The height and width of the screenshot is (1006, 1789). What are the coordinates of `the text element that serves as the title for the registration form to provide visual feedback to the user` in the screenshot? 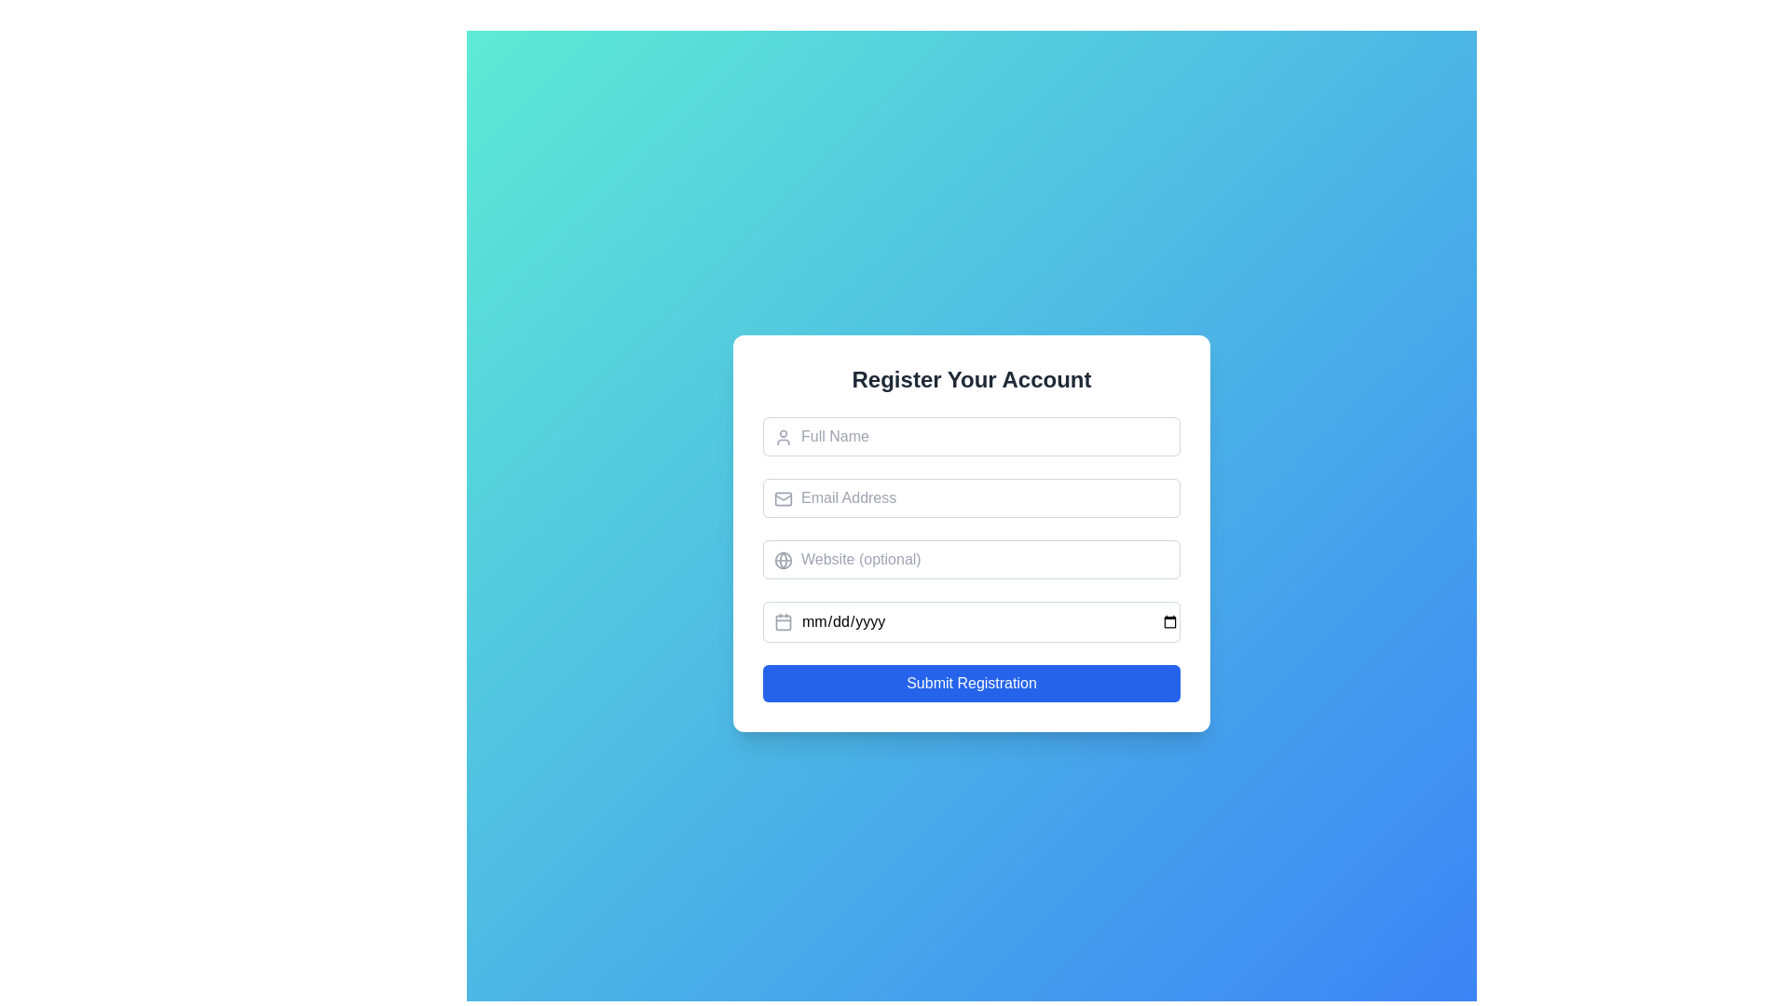 It's located at (970, 379).